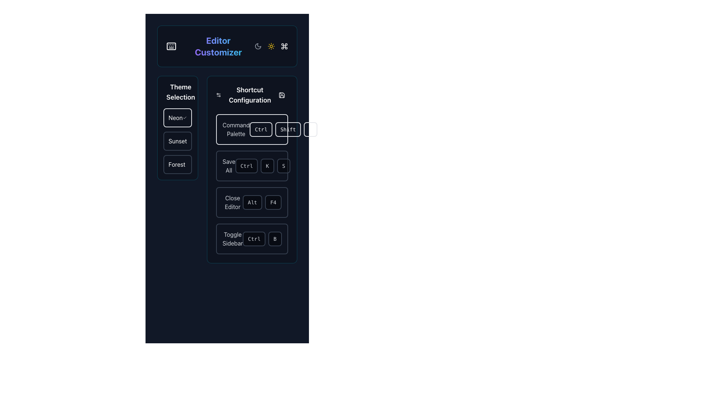  I want to click on the 'Ctrl' key label in the shortcut grouping for toggling the sidebar in the application, so click(252, 239).